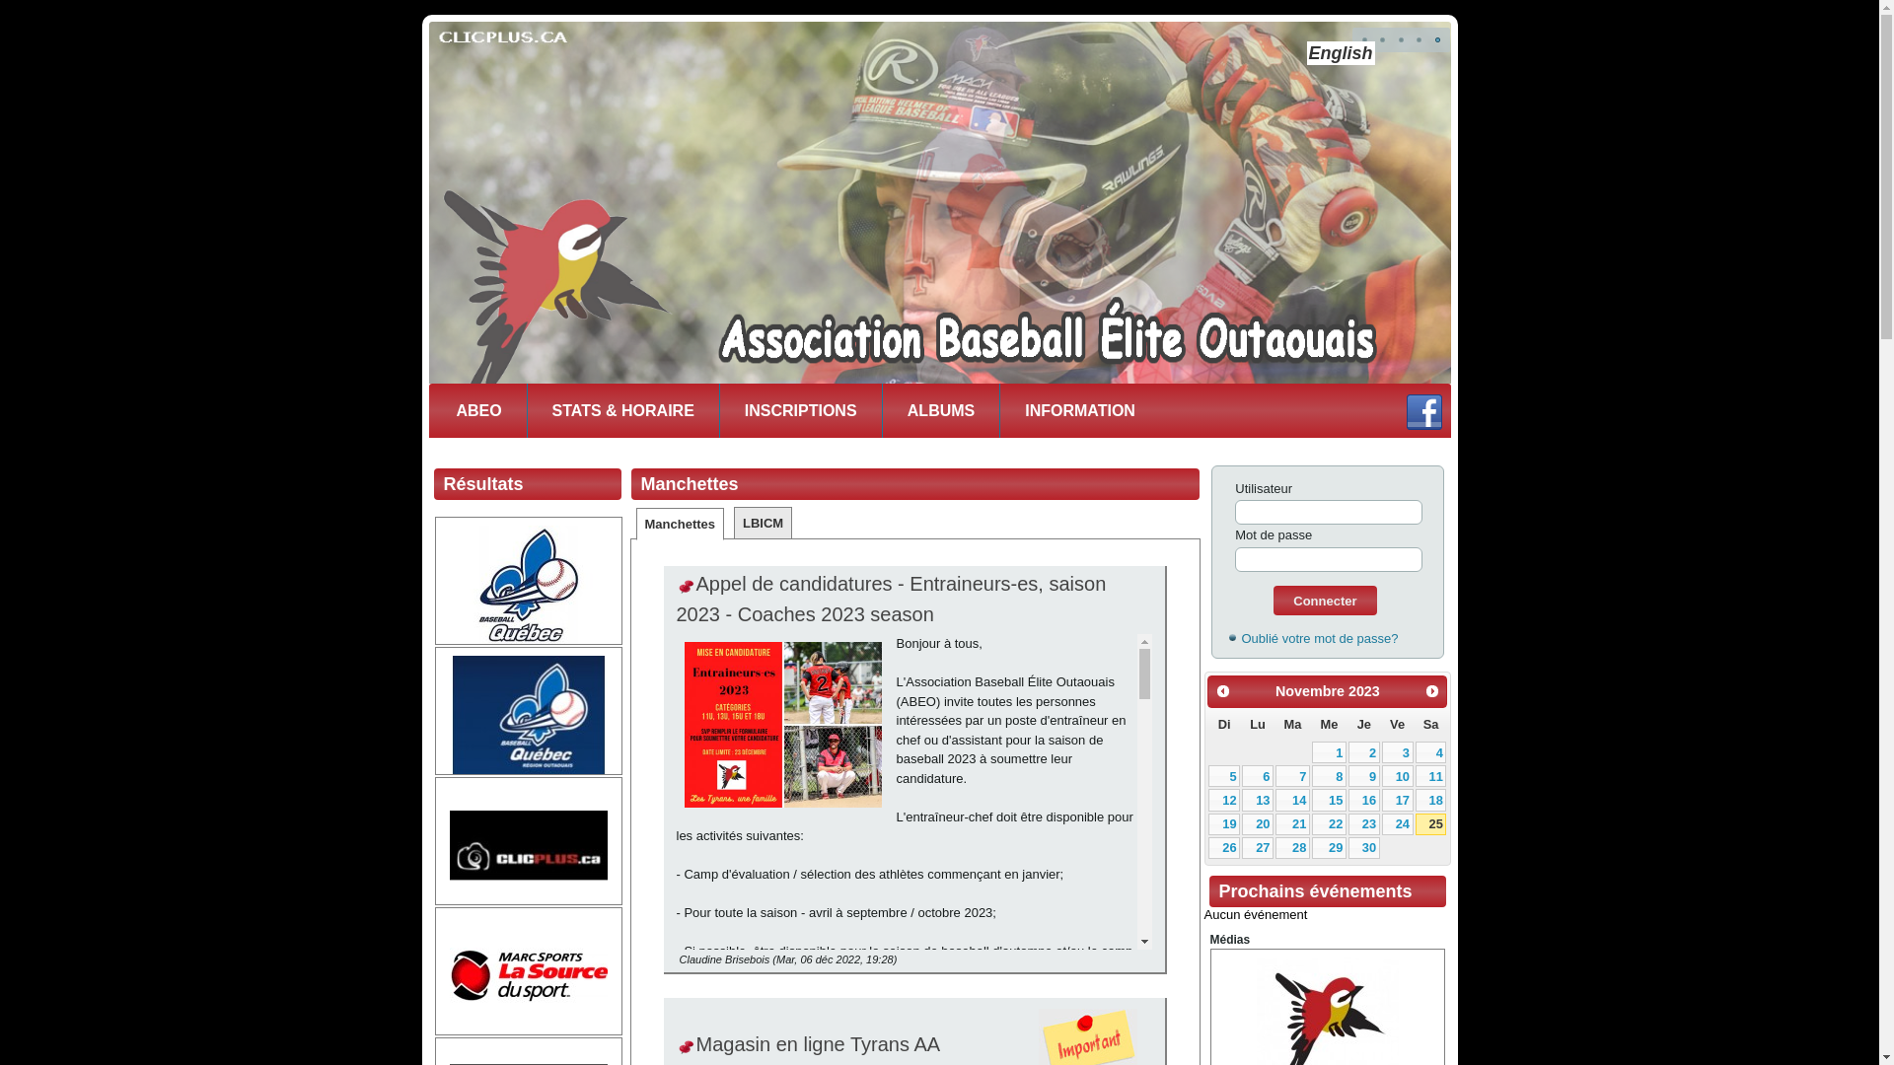 This screenshot has height=1065, width=1894. Describe the element at coordinates (1415, 799) in the screenshot. I see `'18'` at that location.